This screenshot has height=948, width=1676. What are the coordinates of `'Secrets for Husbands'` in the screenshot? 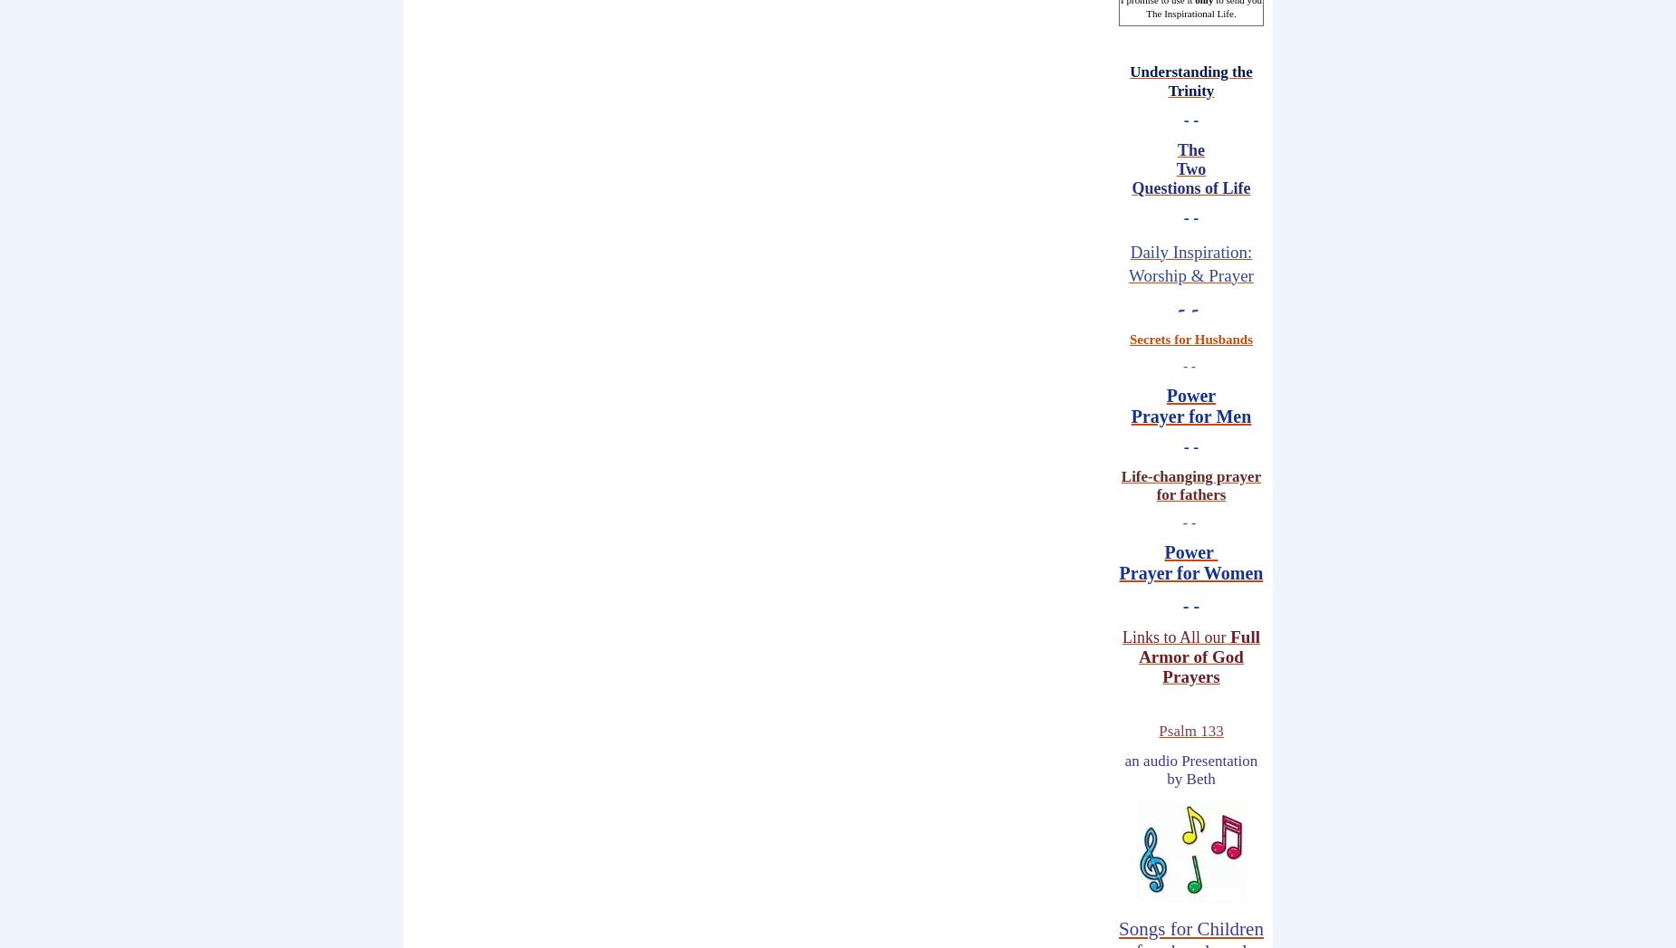 It's located at (1190, 340).